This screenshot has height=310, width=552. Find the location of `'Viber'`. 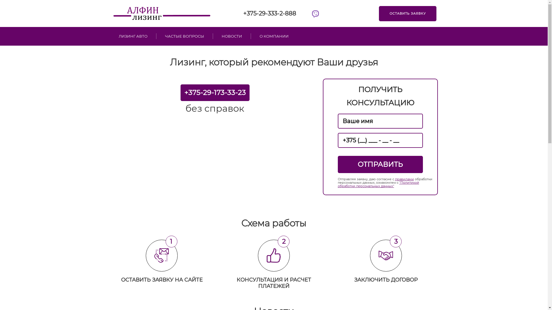

'Viber' is located at coordinates (315, 14).